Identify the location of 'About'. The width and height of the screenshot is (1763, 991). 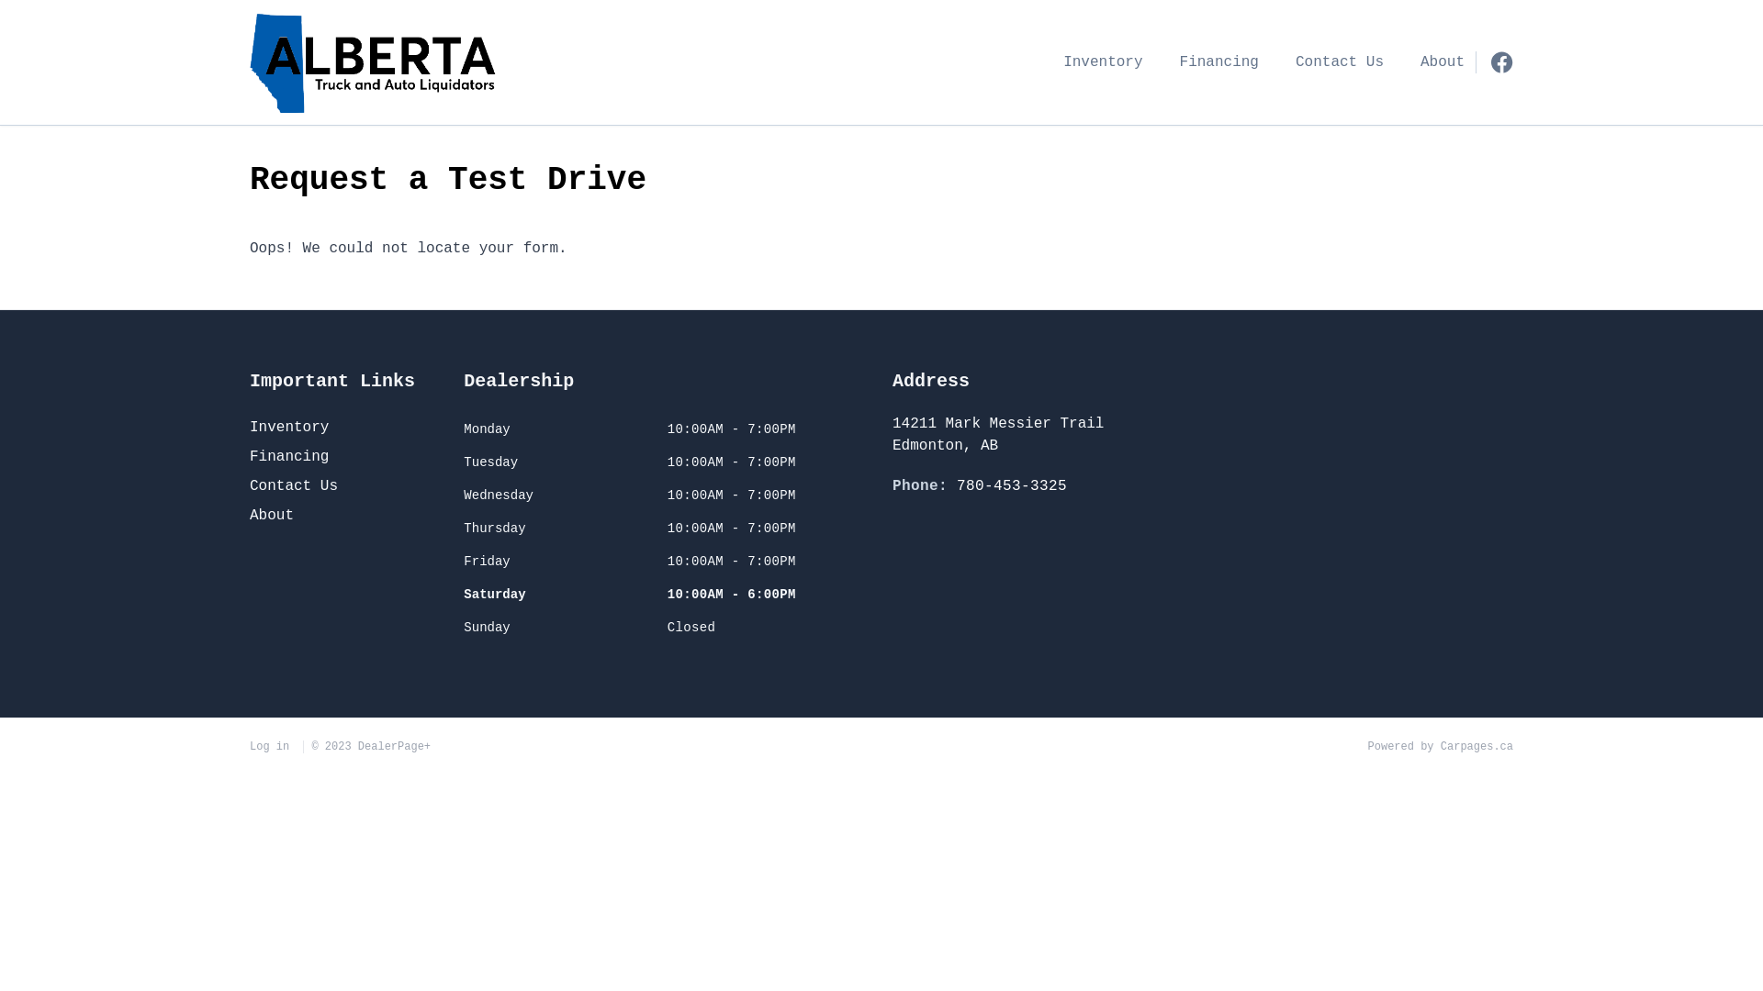
(249, 516).